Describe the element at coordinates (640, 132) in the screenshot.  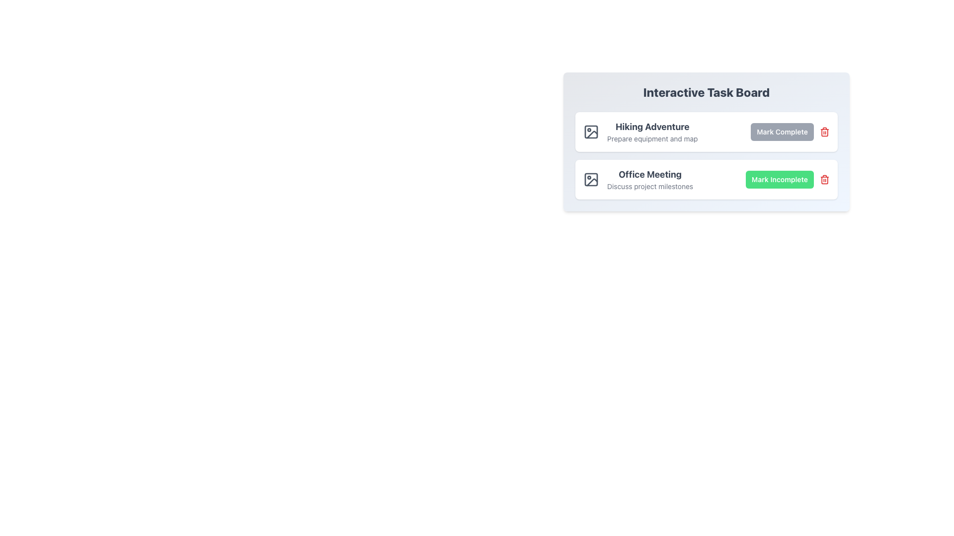
I see `task details displayed in the text and icon group located in the upper task card on the right-hand side of the interface, adjacent to the 'Mark Complete' button` at that location.